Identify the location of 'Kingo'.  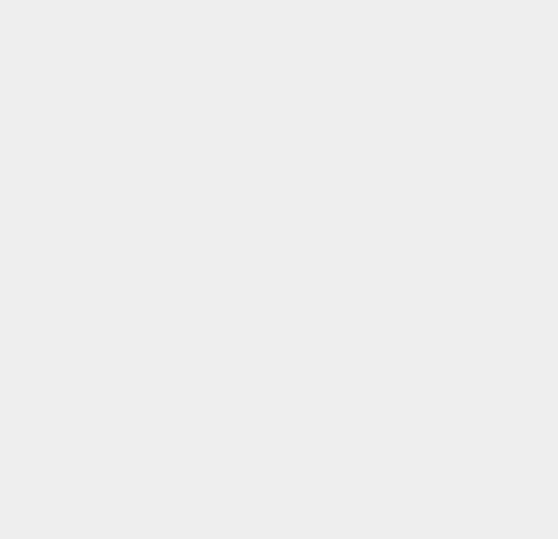
(403, 449).